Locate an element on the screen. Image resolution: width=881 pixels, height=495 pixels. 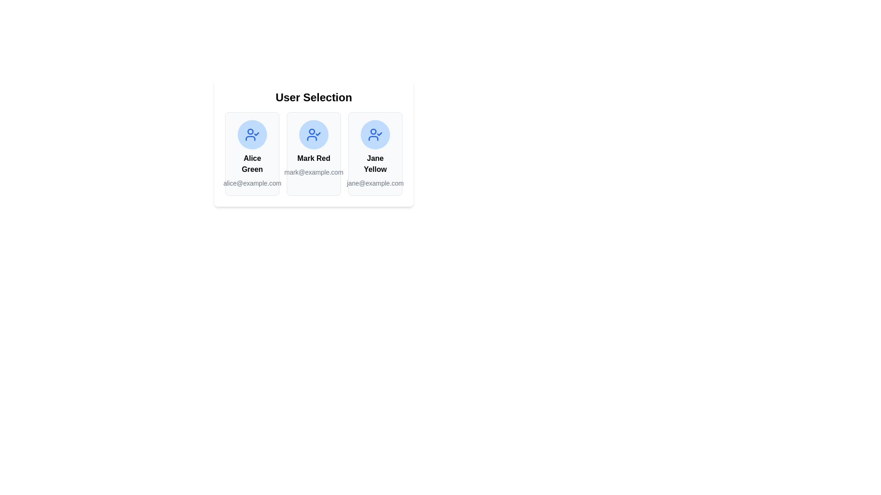
the Text Label displaying the user's name in the center card of the three-card layout, located beneath the blue circular avatar icon and above the email address 'mark@example.com' is located at coordinates (314, 158).